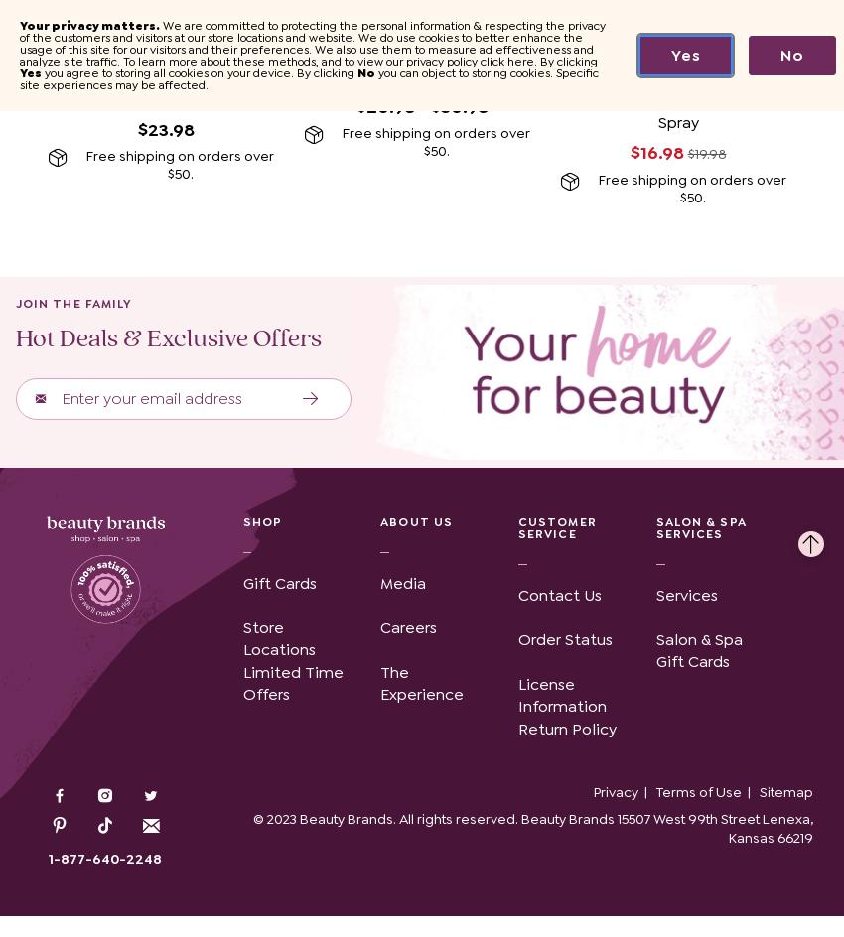 This screenshot has height=937, width=844. Describe the element at coordinates (559, 594) in the screenshot. I see `'Contact Us'` at that location.